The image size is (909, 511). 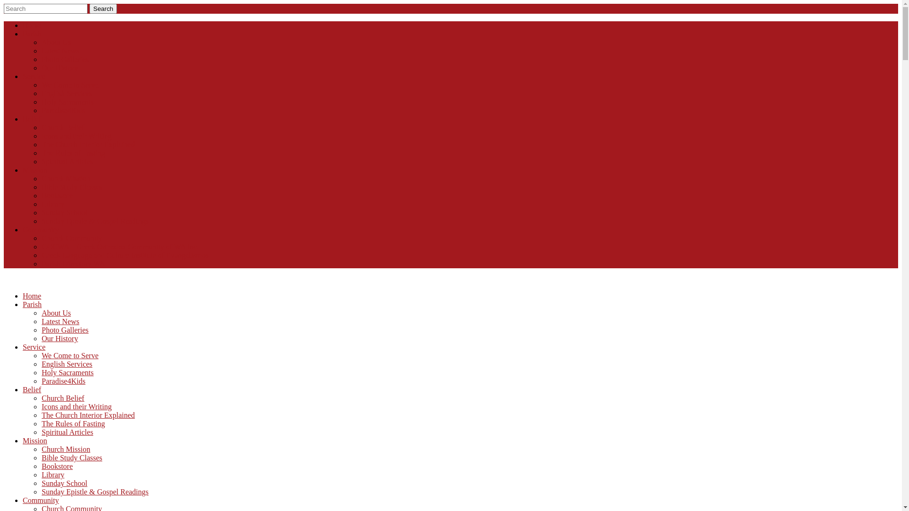 What do you see at coordinates (67, 372) in the screenshot?
I see `'Holy Sacraments'` at bounding box center [67, 372].